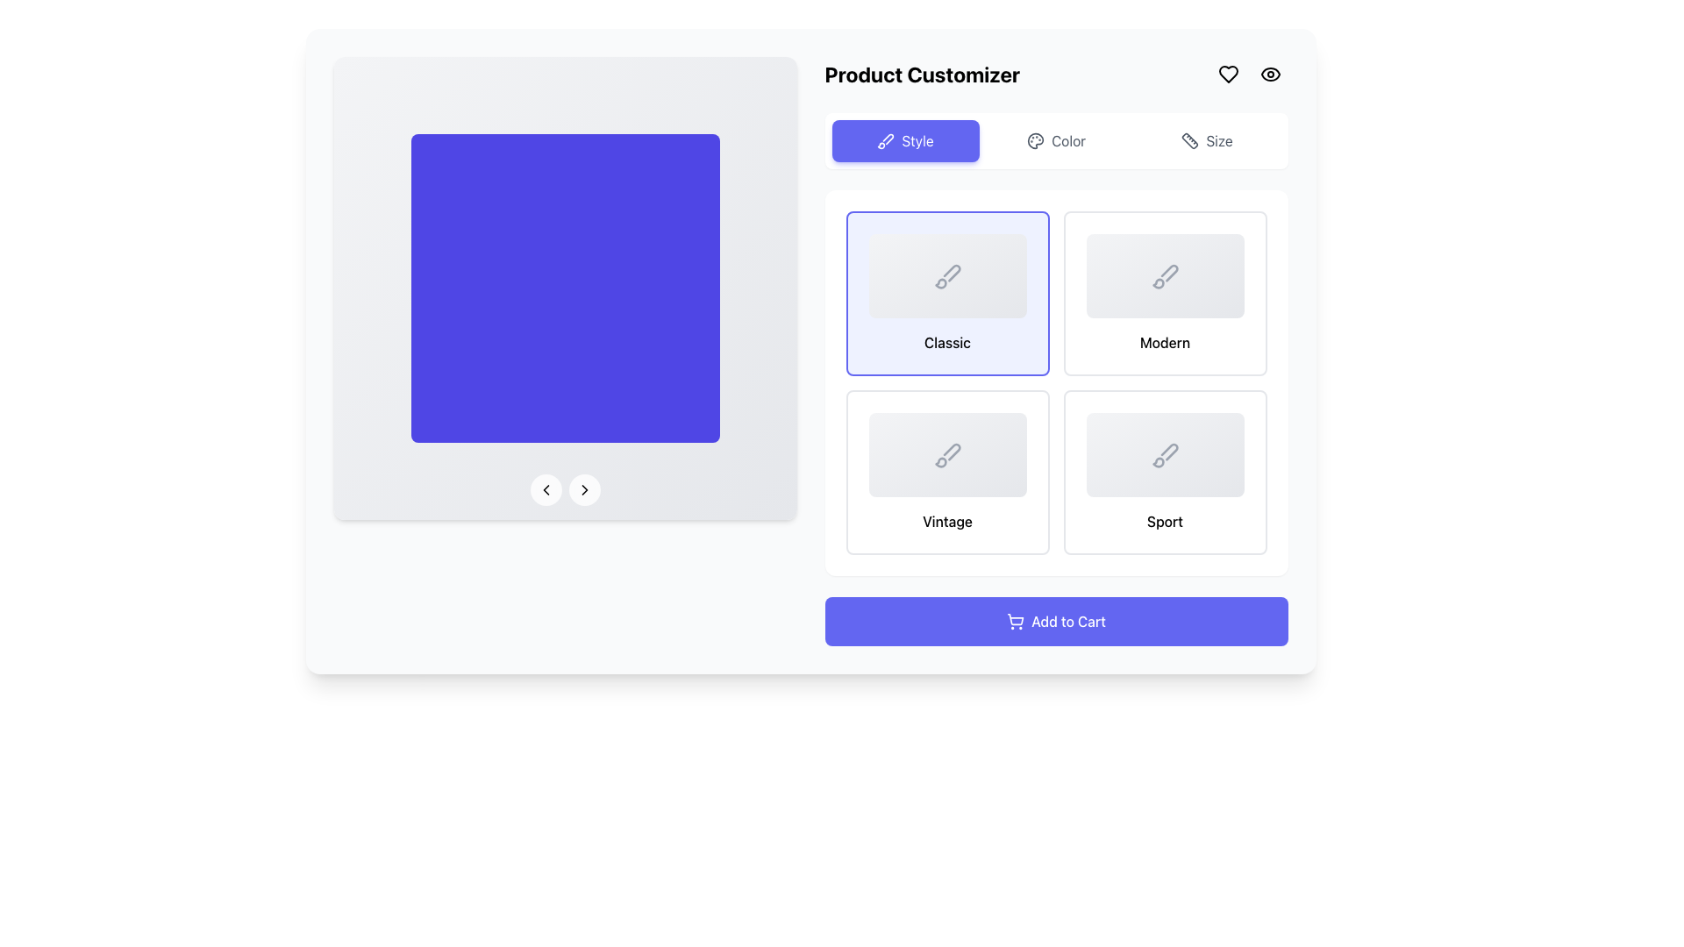 This screenshot has height=947, width=1684. Describe the element at coordinates (1055, 140) in the screenshot. I see `the 'Color' button, which is a horizontally oriented button featuring a palette icon and changes background color to light gray on hover, located at the center of the three buttons labeled 'Style', 'Color', and 'Size'` at that location.